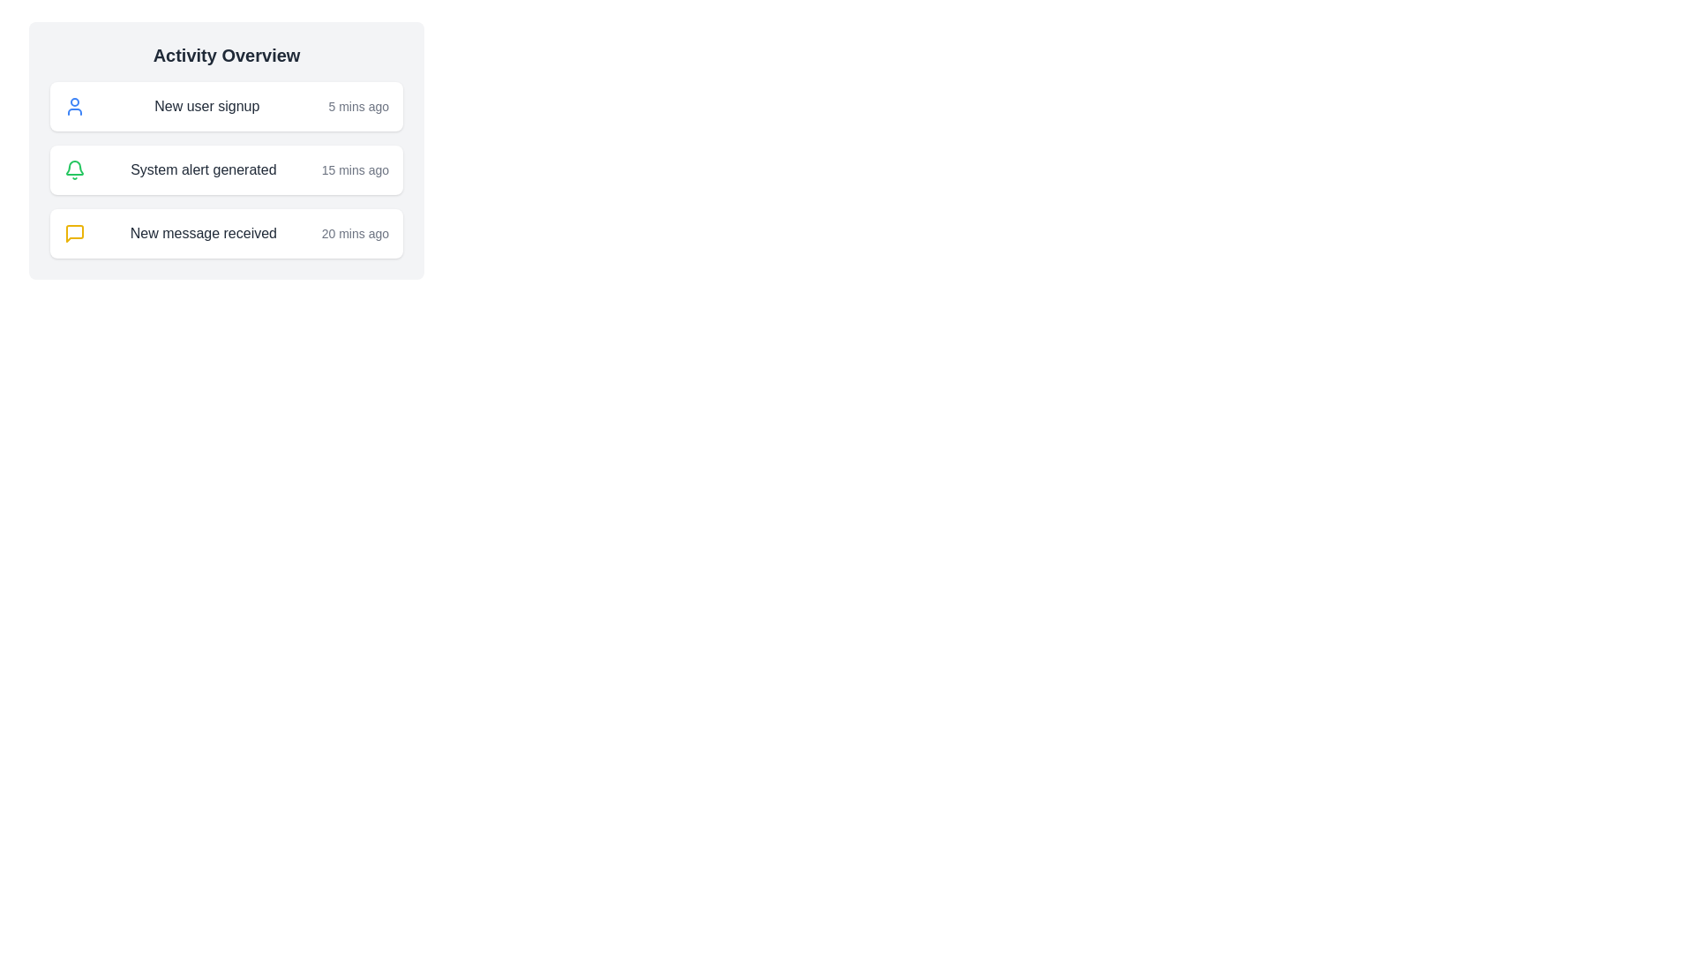  What do you see at coordinates (206, 106) in the screenshot?
I see `the 'New user signup' text label` at bounding box center [206, 106].